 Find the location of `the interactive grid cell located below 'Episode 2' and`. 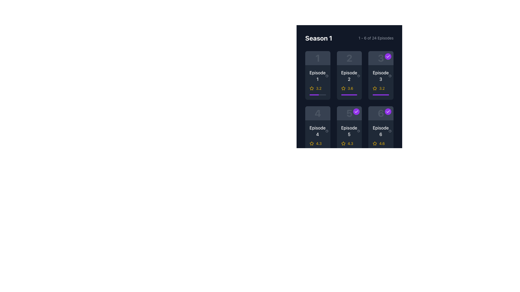

the interactive grid cell located below 'Episode 2' and is located at coordinates (349, 103).